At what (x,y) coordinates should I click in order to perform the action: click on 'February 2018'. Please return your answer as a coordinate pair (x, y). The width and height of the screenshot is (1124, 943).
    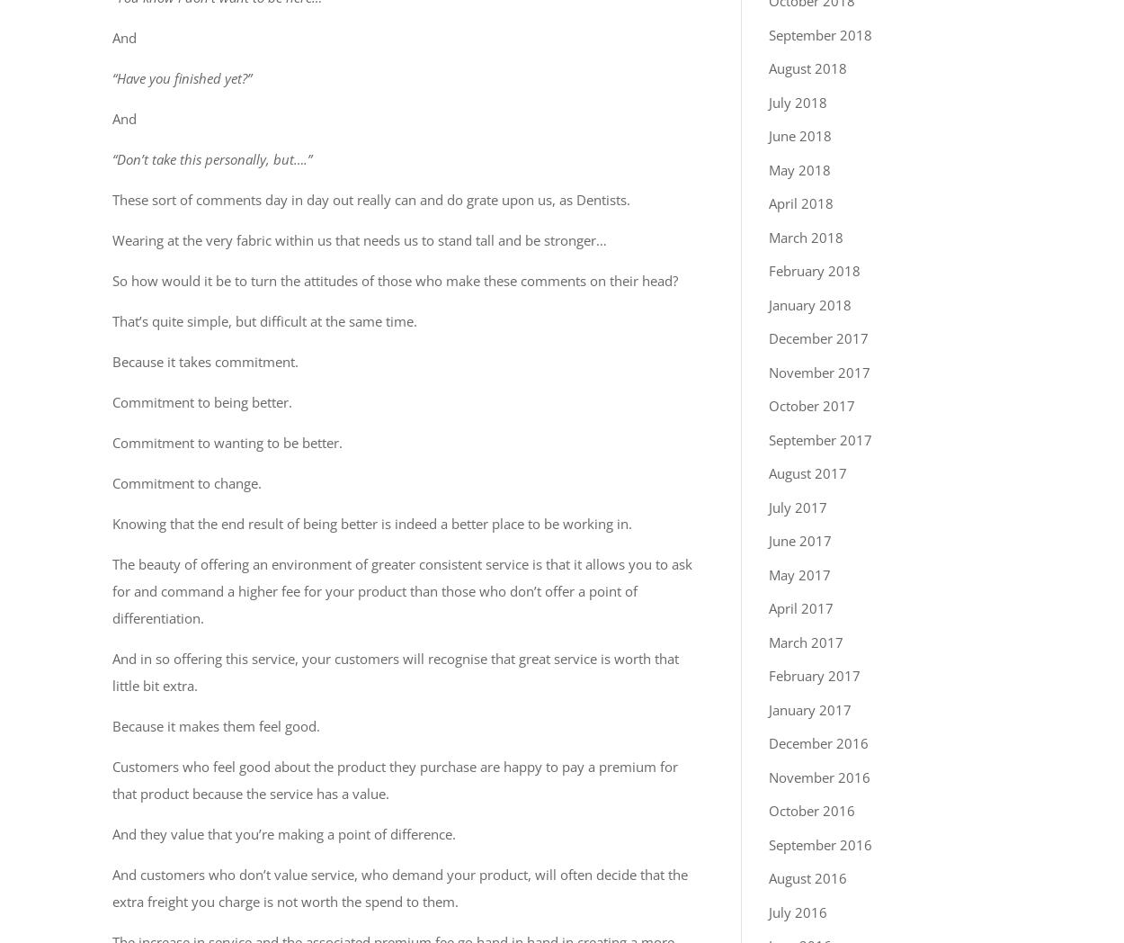
    Looking at the image, I should click on (815, 269).